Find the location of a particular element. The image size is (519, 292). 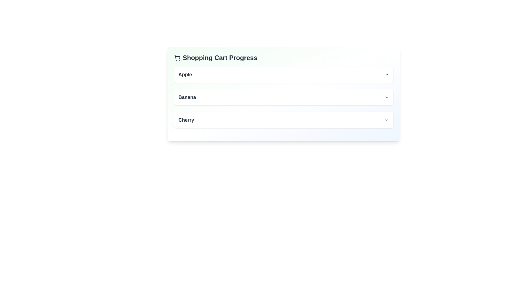

the shopping cart icon located at the start of the header section of the 'Shopping Cart Progress' panel is located at coordinates (177, 58).